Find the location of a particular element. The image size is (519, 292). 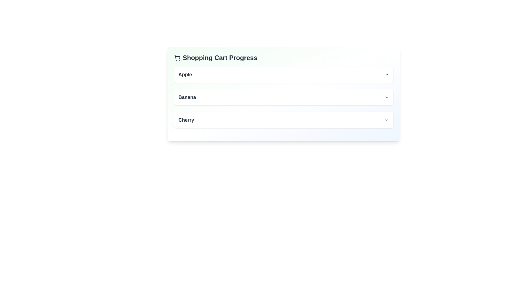

the shopping cart icon located at the start of the header section of the 'Shopping Cart Progress' panel is located at coordinates (177, 58).